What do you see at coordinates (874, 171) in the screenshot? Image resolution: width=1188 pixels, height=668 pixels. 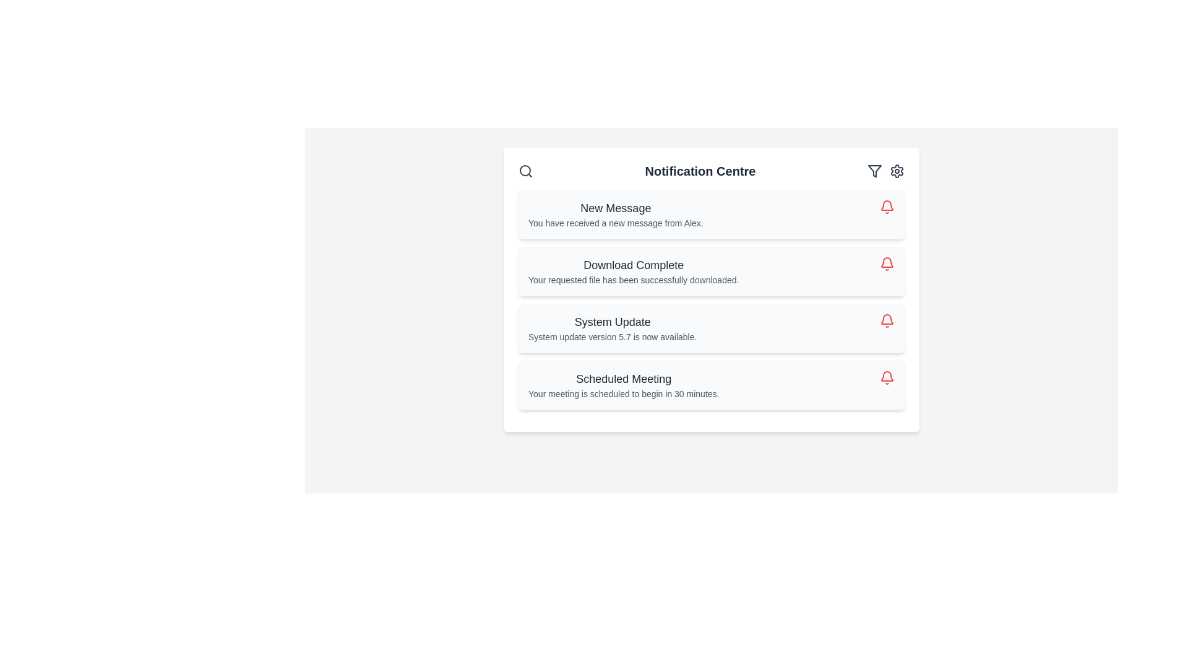 I see `the filter icon located at the far-right of the notification center modal` at bounding box center [874, 171].